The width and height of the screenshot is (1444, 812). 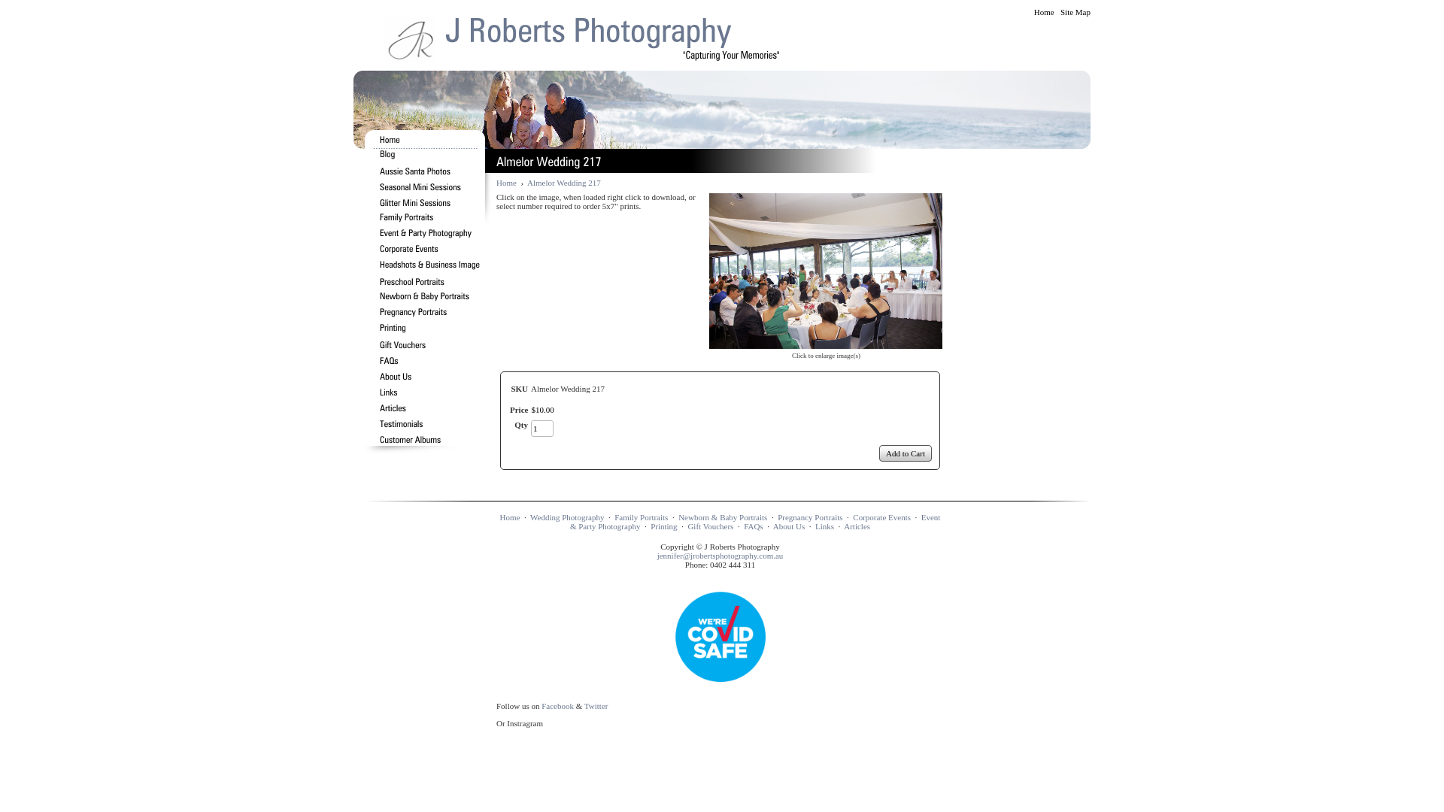 What do you see at coordinates (1043, 11) in the screenshot?
I see `'Home'` at bounding box center [1043, 11].